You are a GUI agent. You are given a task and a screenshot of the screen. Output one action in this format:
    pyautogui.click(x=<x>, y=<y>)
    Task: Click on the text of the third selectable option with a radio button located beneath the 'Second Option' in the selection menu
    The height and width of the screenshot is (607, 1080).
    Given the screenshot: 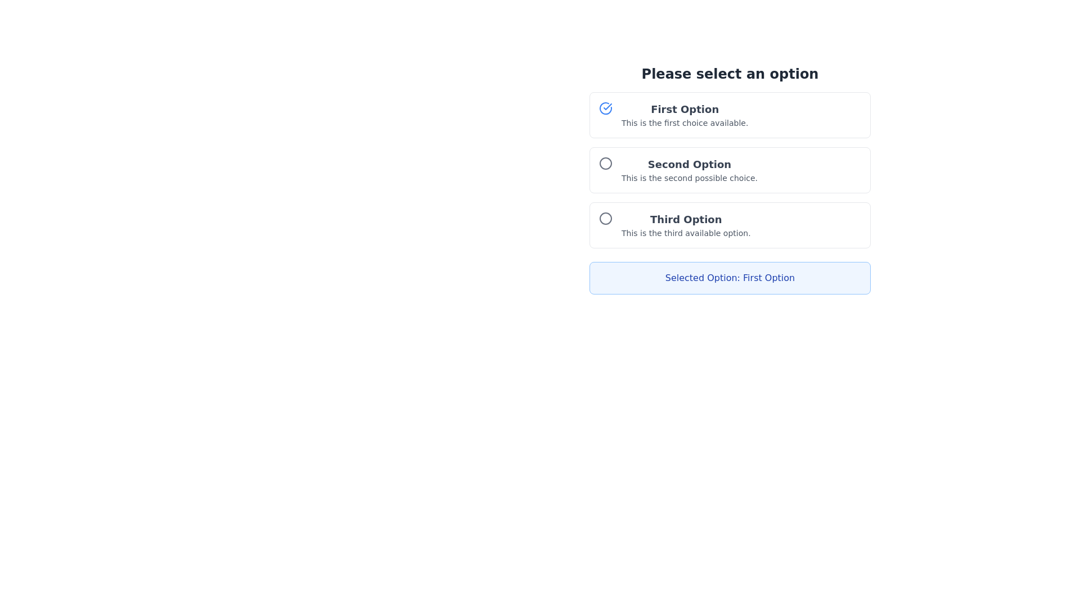 What is the action you would take?
    pyautogui.click(x=730, y=225)
    